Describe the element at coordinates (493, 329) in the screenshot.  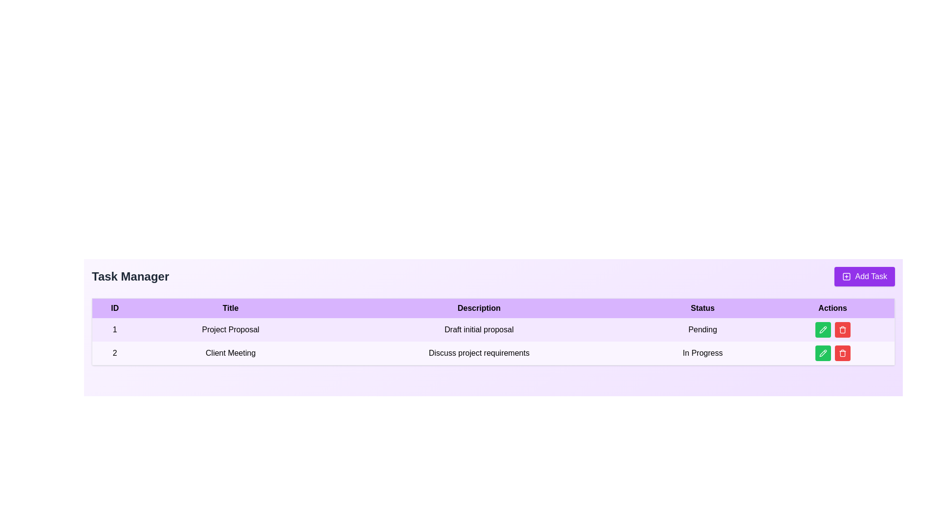
I see `the first row of the project table, which has a light purple background and displays the ID '1', Title 'Project Proposal', Description 'Draft initial proposal', and Status 'Pending'` at that location.